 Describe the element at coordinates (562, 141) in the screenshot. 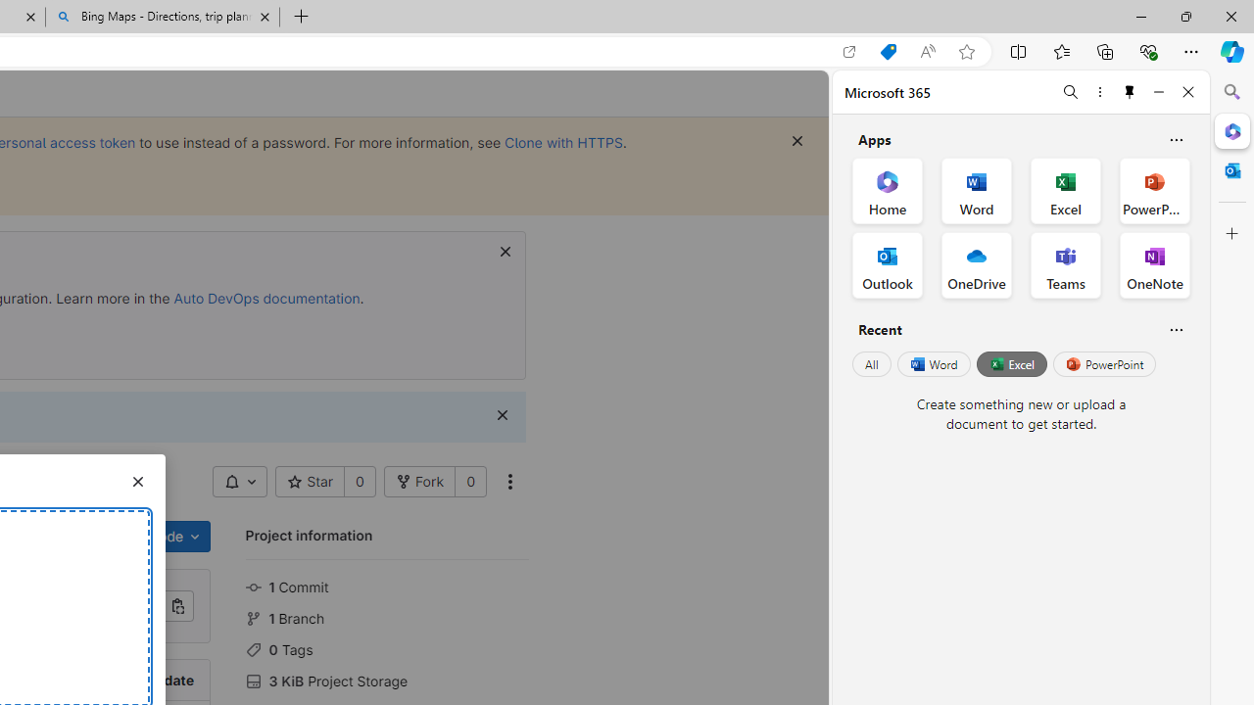

I see `'Clone with HTTPS'` at that location.